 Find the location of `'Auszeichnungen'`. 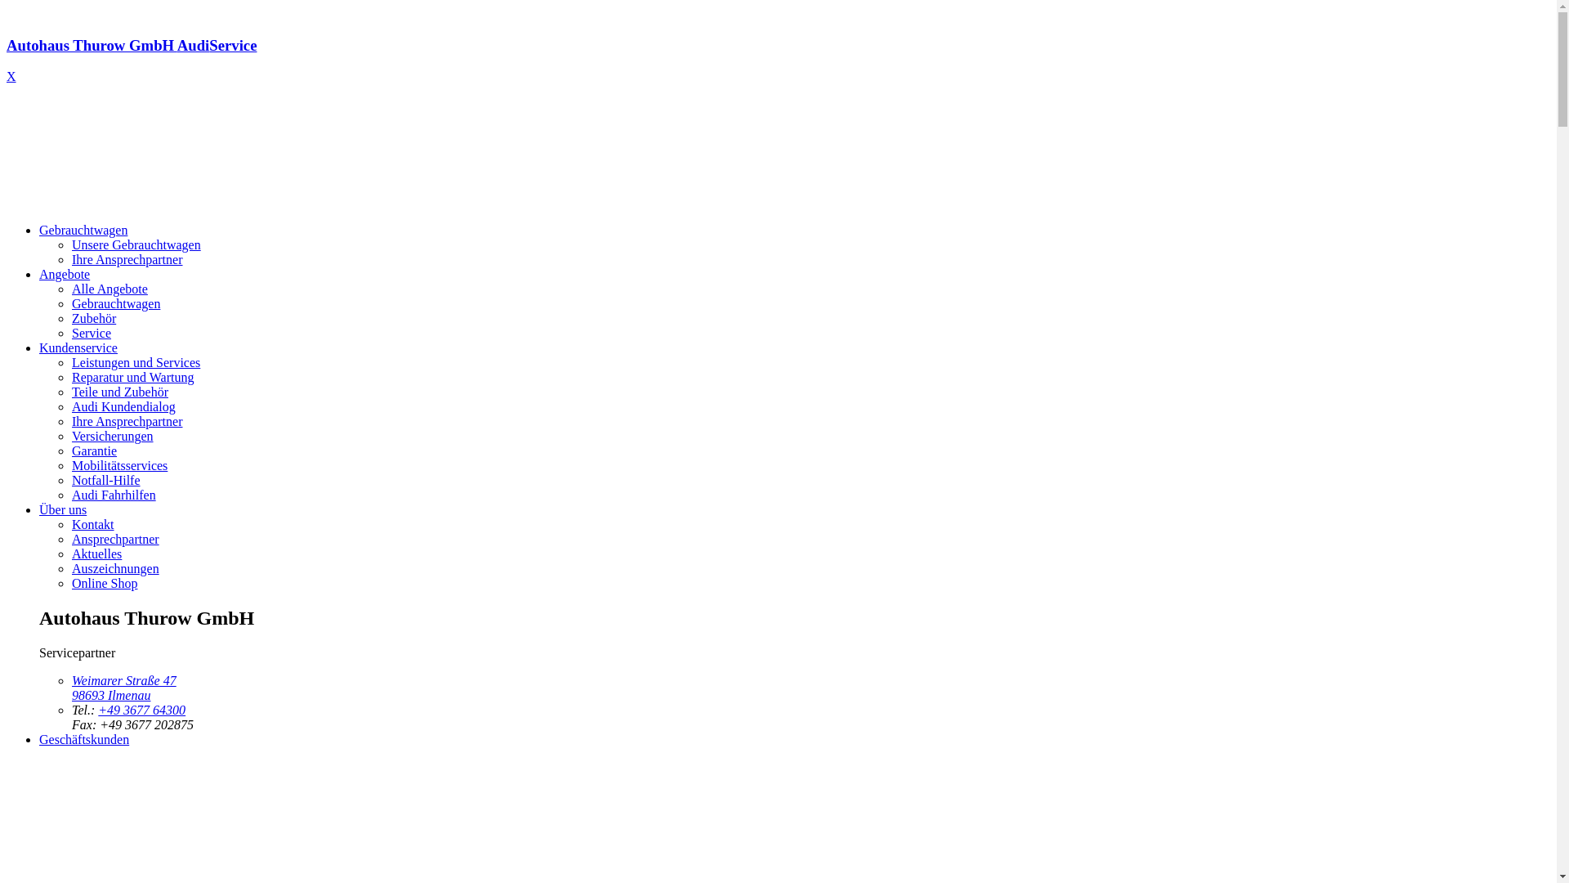

'Auszeichnungen' is located at coordinates (114, 567).